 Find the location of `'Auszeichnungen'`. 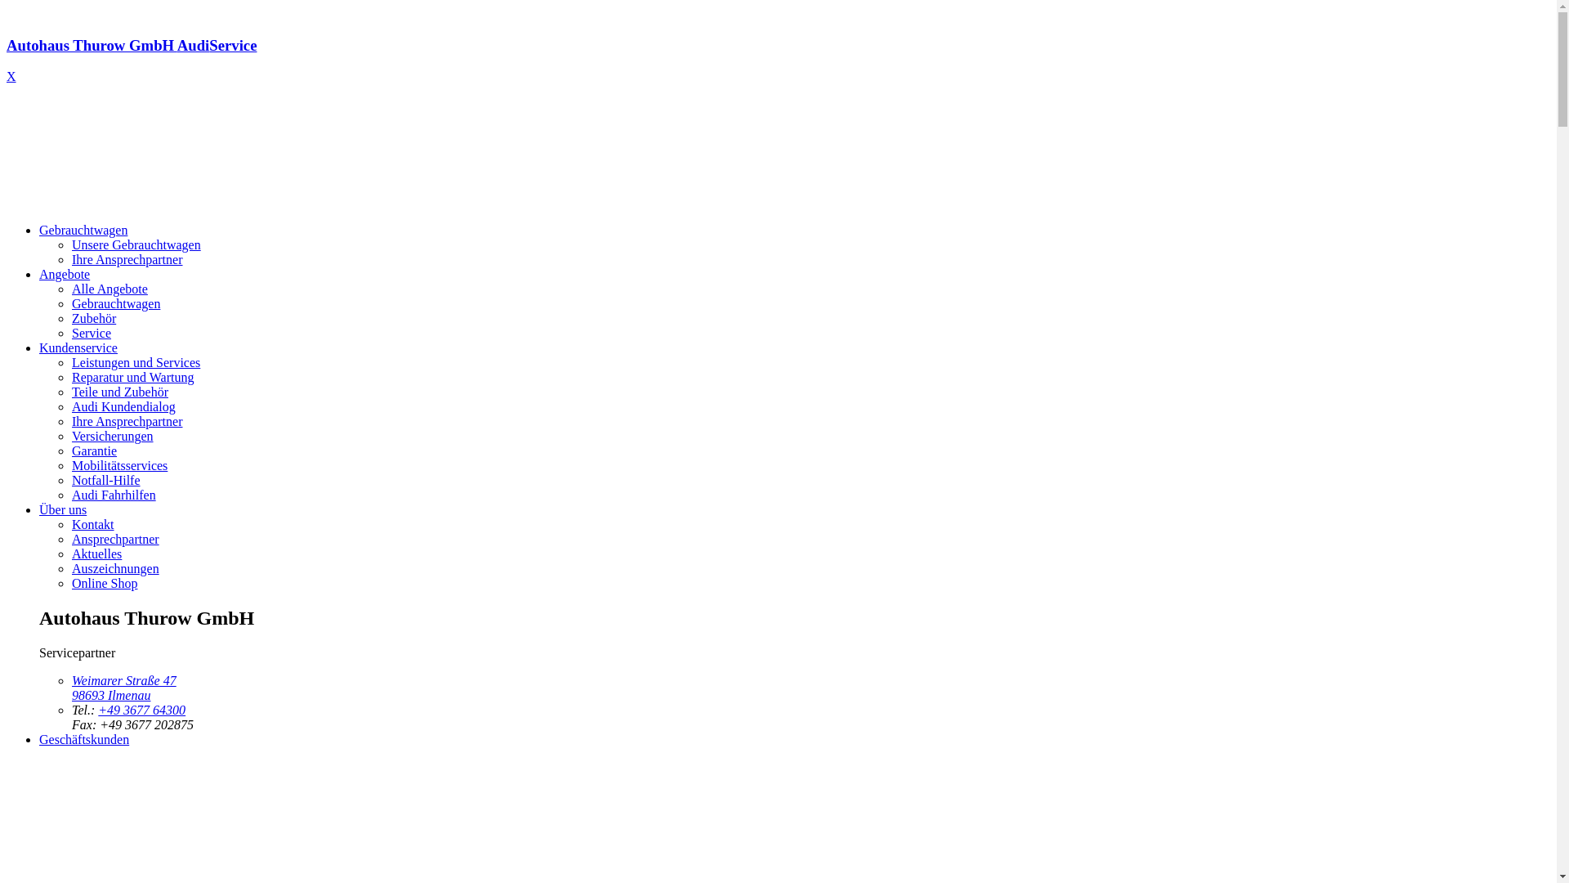

'Auszeichnungen' is located at coordinates (114, 567).